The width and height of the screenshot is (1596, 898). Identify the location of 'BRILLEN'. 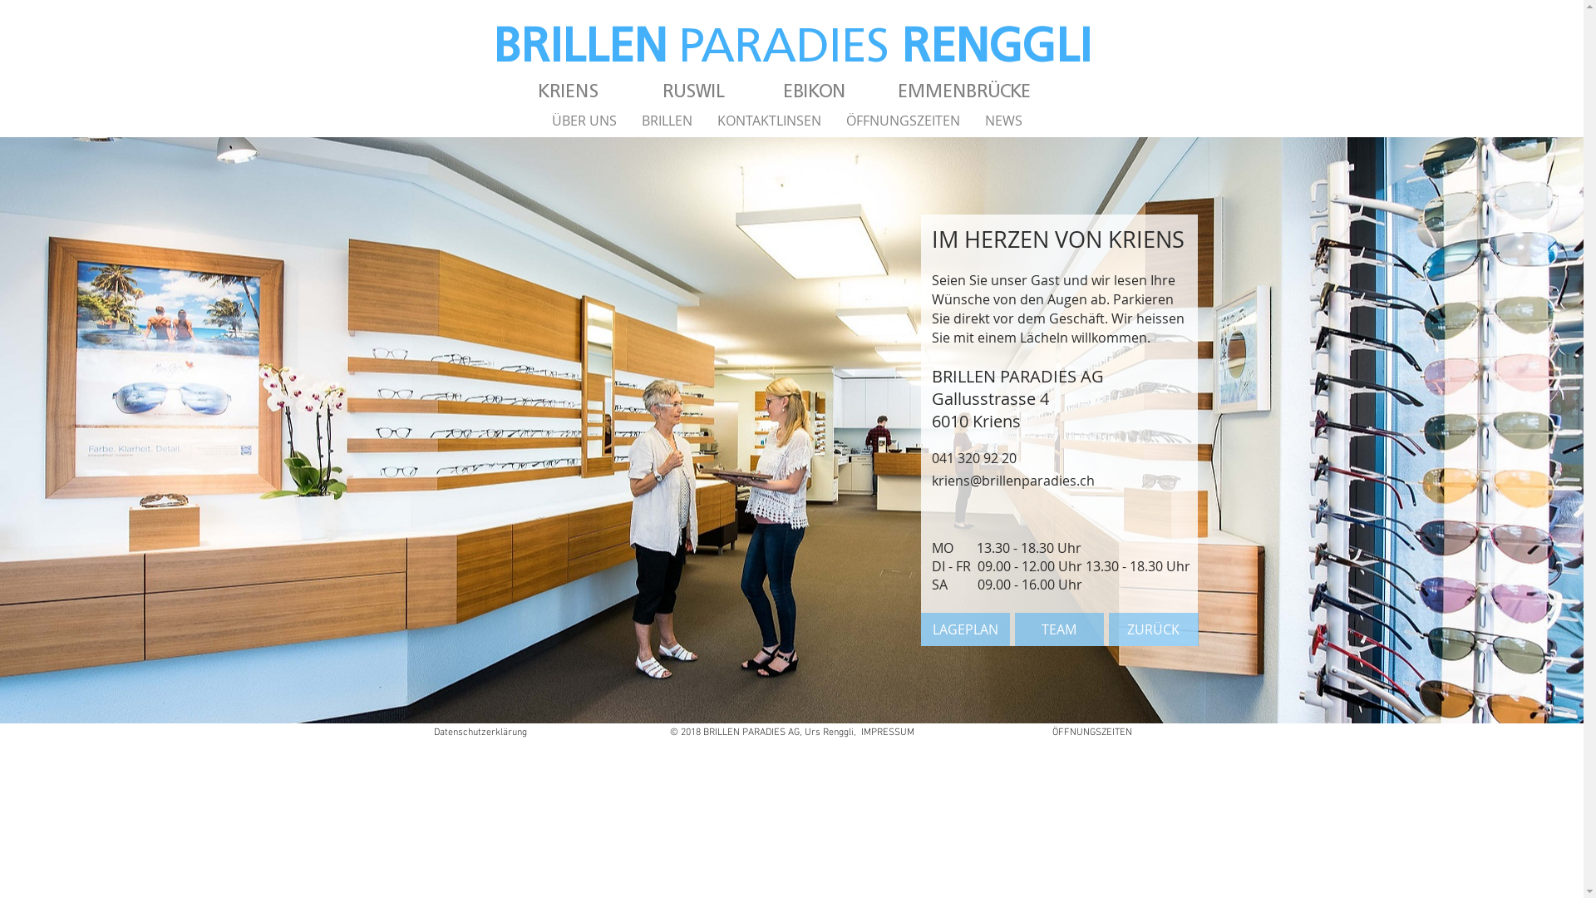
(666, 120).